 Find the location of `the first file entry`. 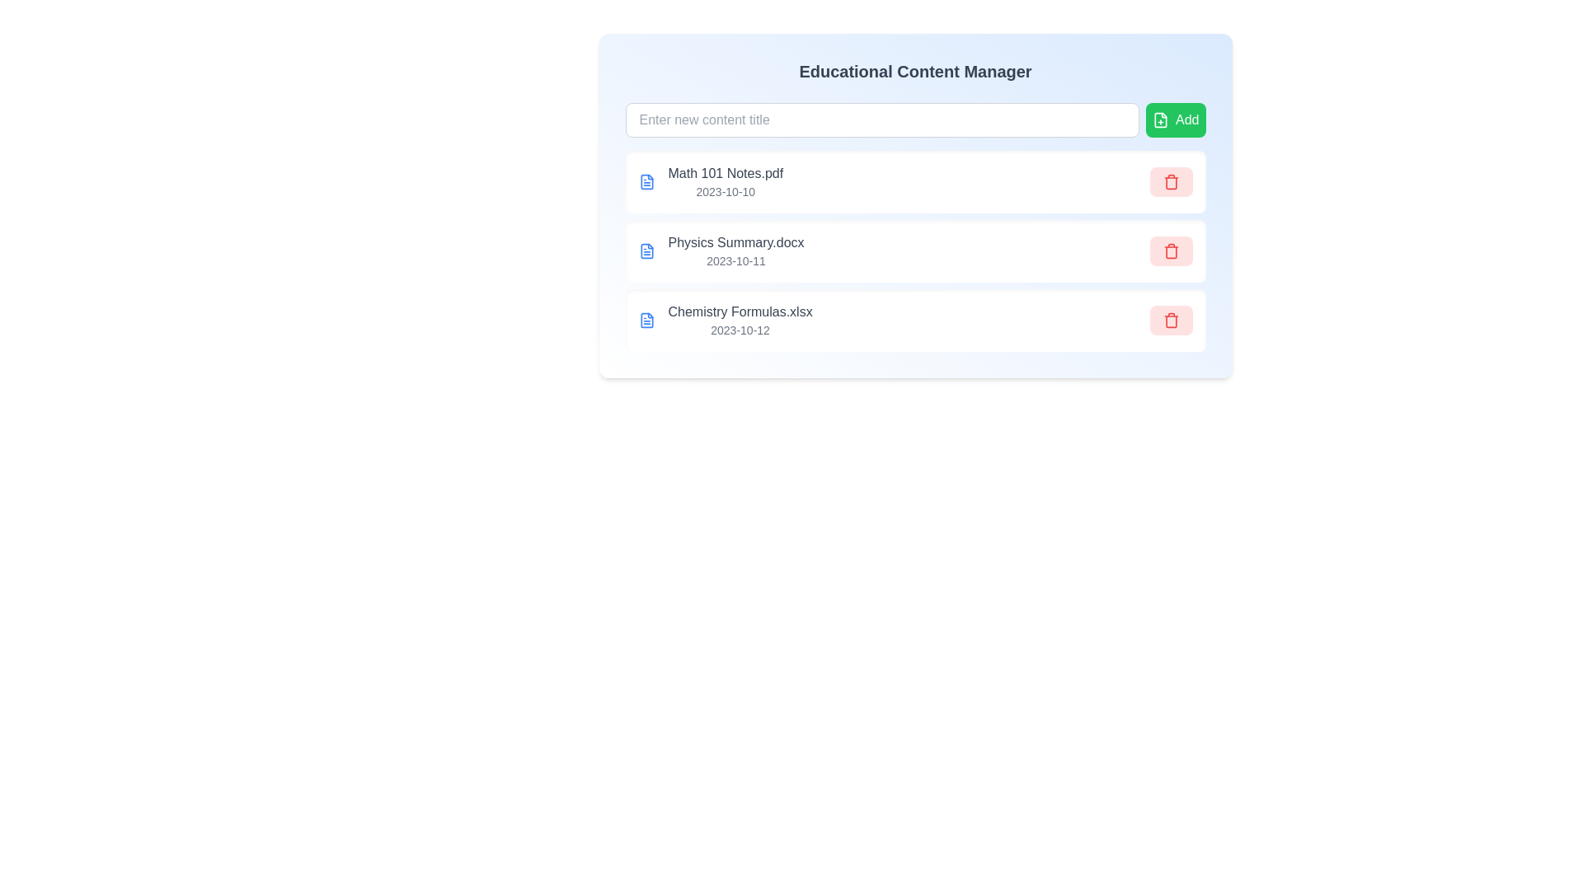

the first file entry is located at coordinates (726, 181).